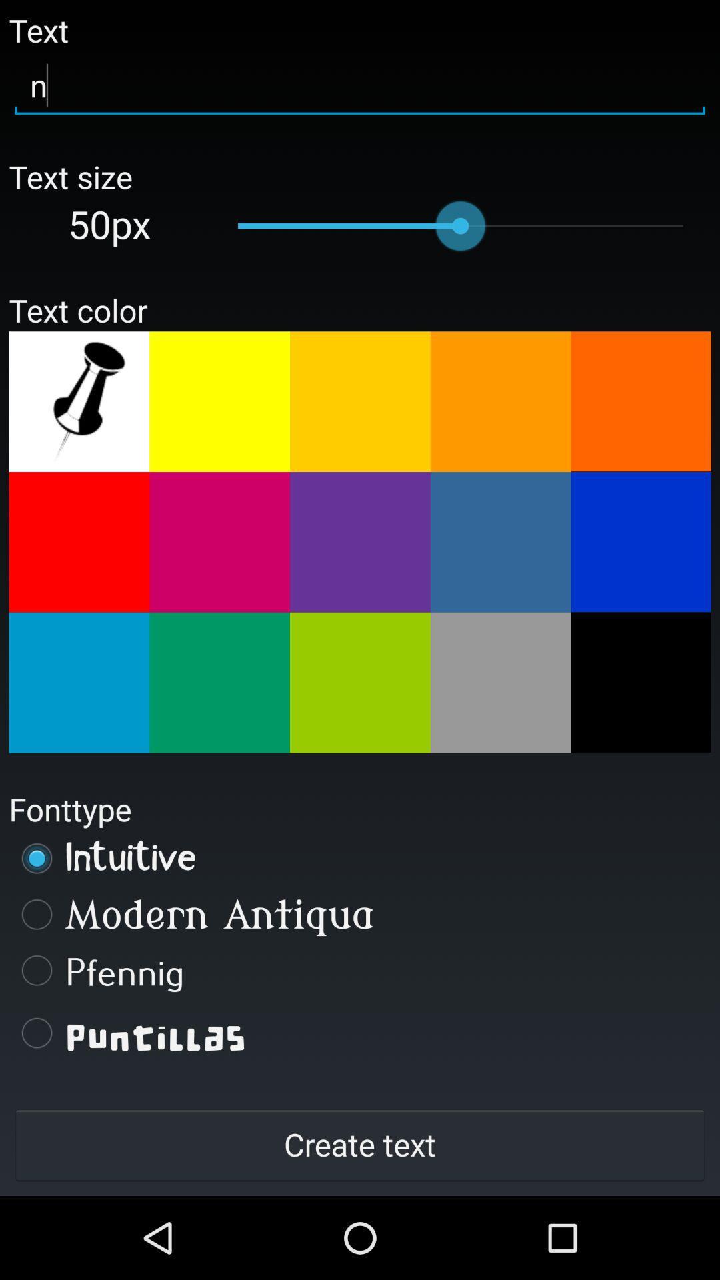  Describe the element at coordinates (219, 401) in the screenshot. I see `text color` at that location.